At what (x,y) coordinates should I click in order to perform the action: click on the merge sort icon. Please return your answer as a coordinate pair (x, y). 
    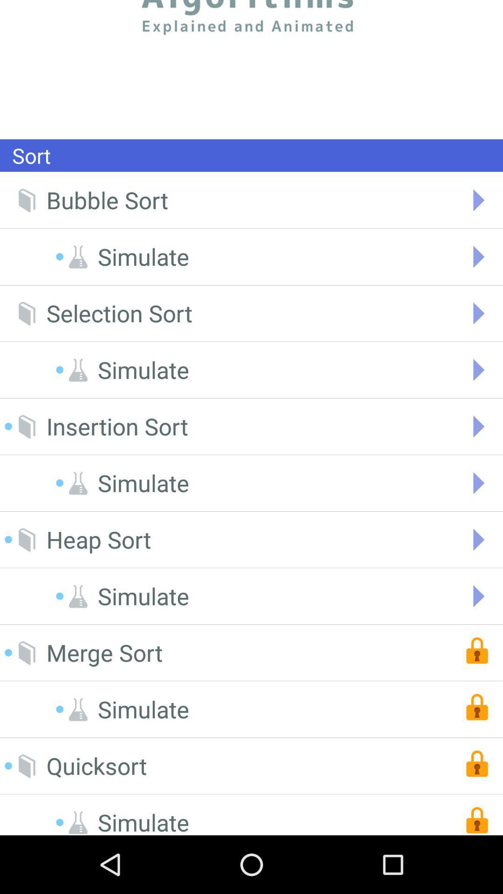
    Looking at the image, I should click on (104, 652).